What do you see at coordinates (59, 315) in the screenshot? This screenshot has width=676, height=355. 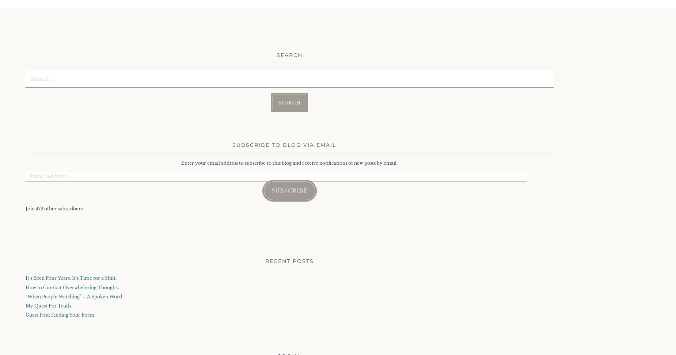 I see `'Guest Post: Finding Your Form'` at bounding box center [59, 315].